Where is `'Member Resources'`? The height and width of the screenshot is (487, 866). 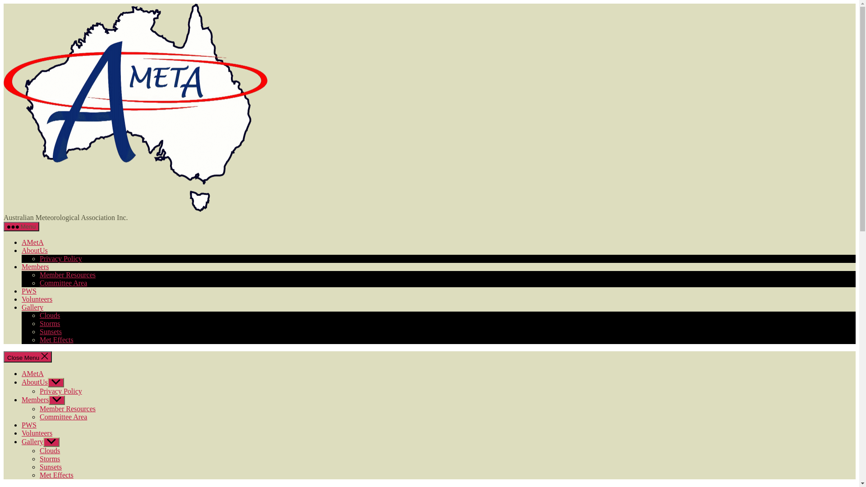
'Member Resources' is located at coordinates (67, 409).